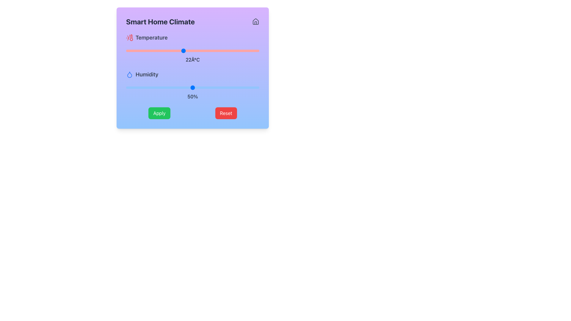 This screenshot has height=321, width=571. What do you see at coordinates (193, 50) in the screenshot?
I see `the blue handle of the temperature range slider, which is styled with a red track` at bounding box center [193, 50].